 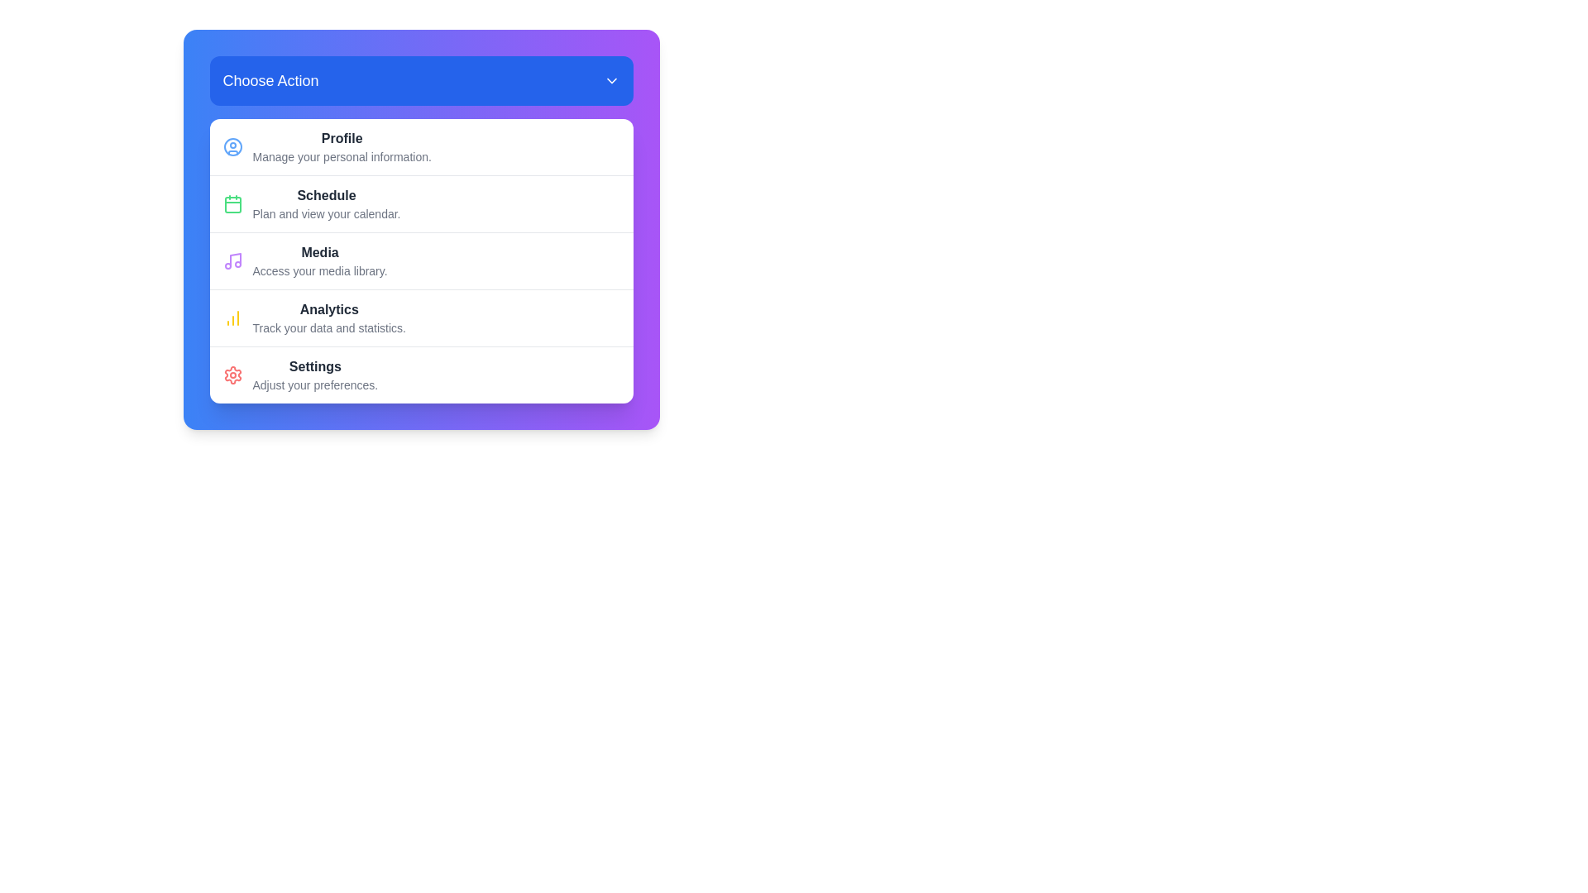 What do you see at coordinates (315, 365) in the screenshot?
I see `the 'Settings' title text label, which is the fifth menu item in a vertical list within the settings panel interface` at bounding box center [315, 365].